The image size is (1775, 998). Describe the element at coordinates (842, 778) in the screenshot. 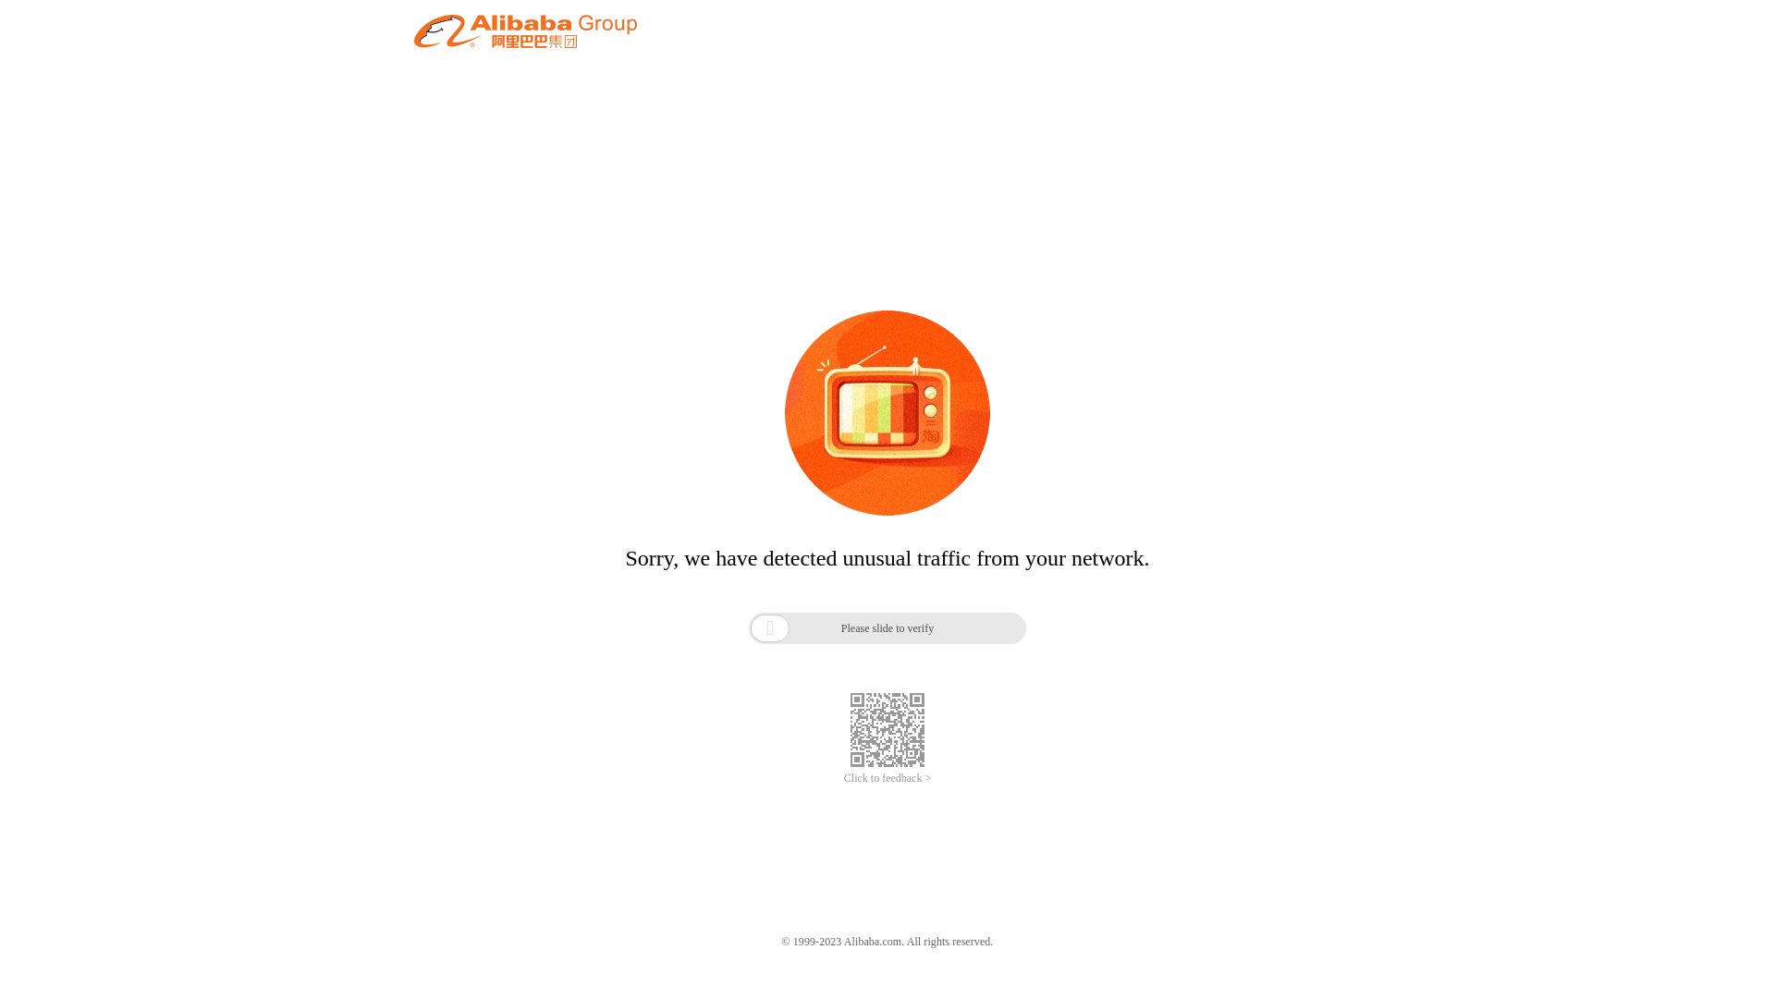

I see `'Click to feedback >'` at that location.